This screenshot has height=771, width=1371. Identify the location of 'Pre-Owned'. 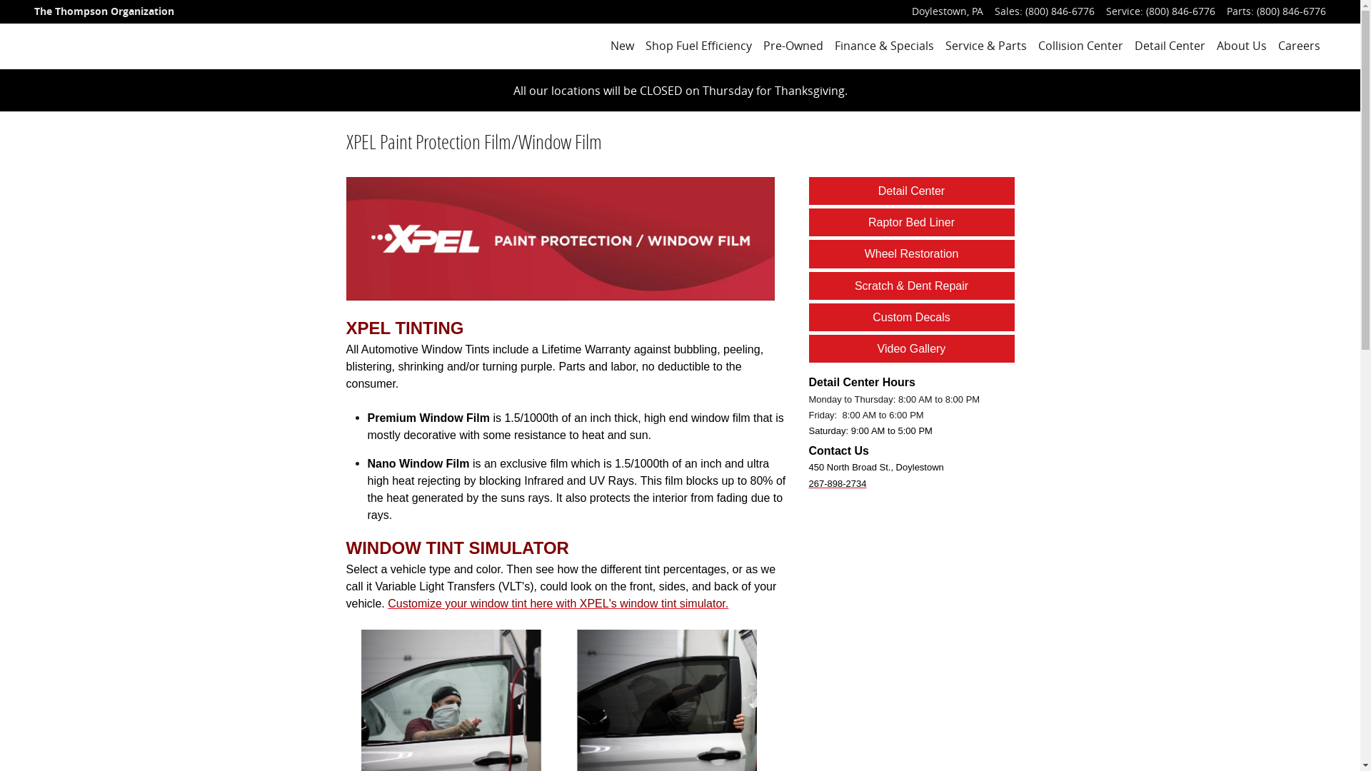
(792, 46).